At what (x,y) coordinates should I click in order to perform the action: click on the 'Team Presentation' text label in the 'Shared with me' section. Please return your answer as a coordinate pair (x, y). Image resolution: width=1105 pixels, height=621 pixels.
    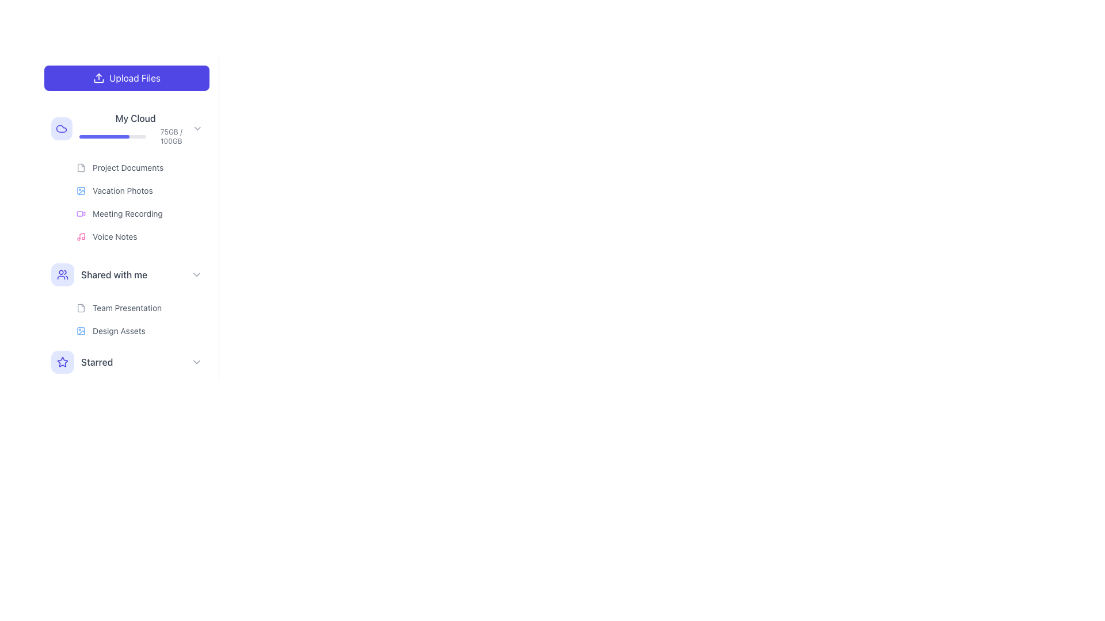
    Looking at the image, I should click on (127, 308).